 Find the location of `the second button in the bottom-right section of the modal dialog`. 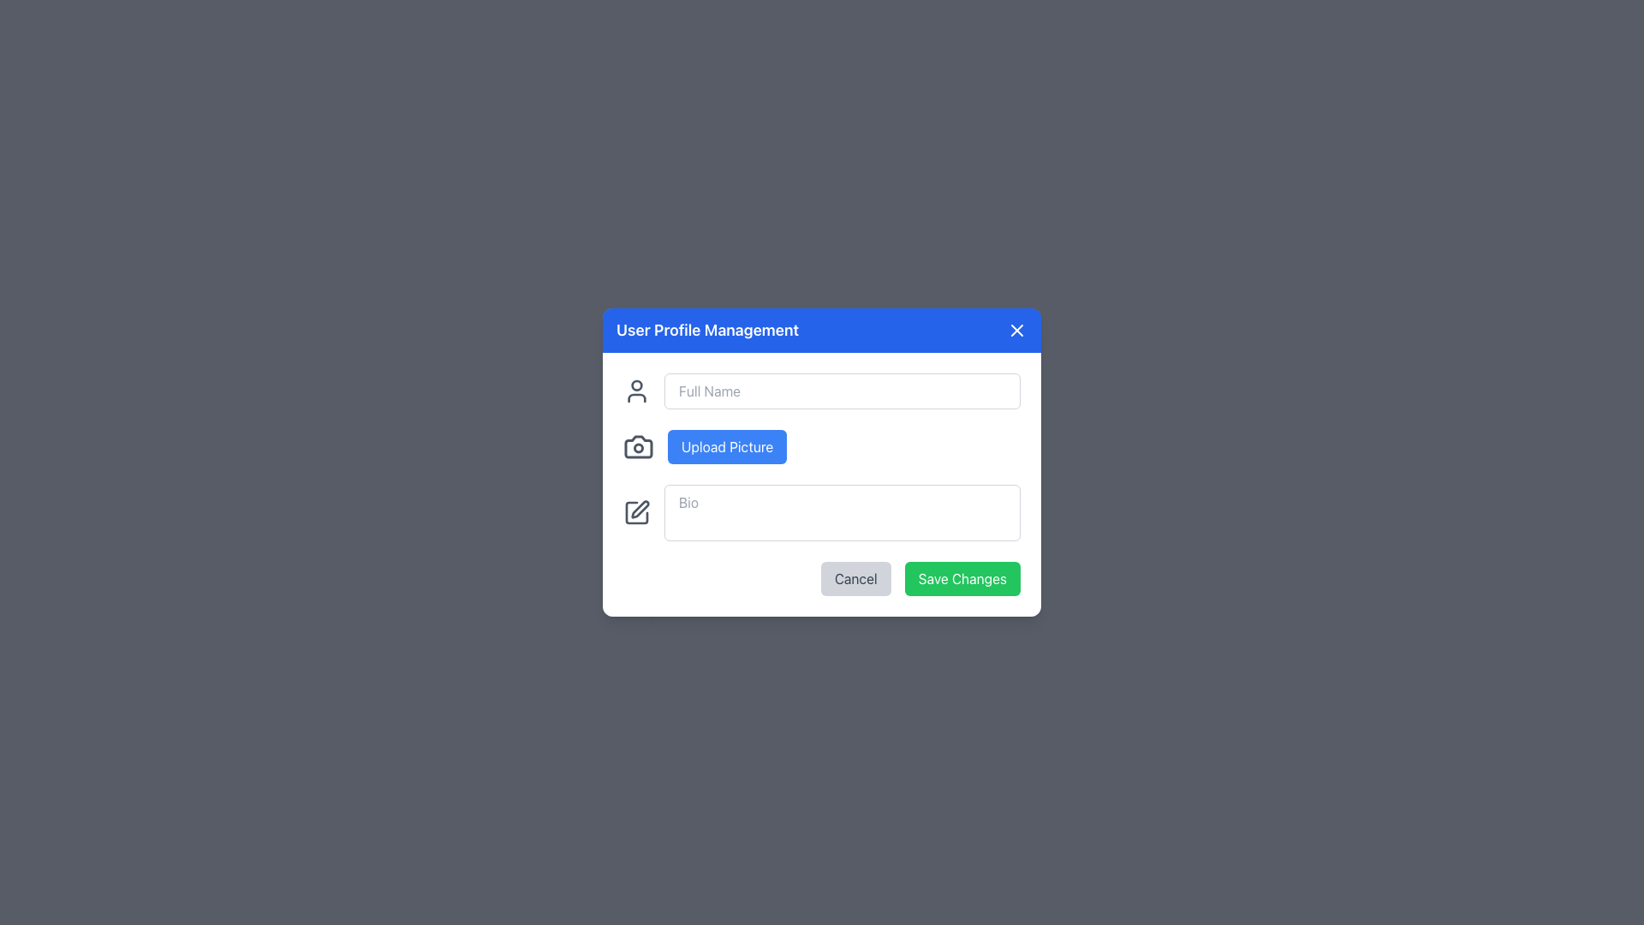

the second button in the bottom-right section of the modal dialog is located at coordinates (962, 578).